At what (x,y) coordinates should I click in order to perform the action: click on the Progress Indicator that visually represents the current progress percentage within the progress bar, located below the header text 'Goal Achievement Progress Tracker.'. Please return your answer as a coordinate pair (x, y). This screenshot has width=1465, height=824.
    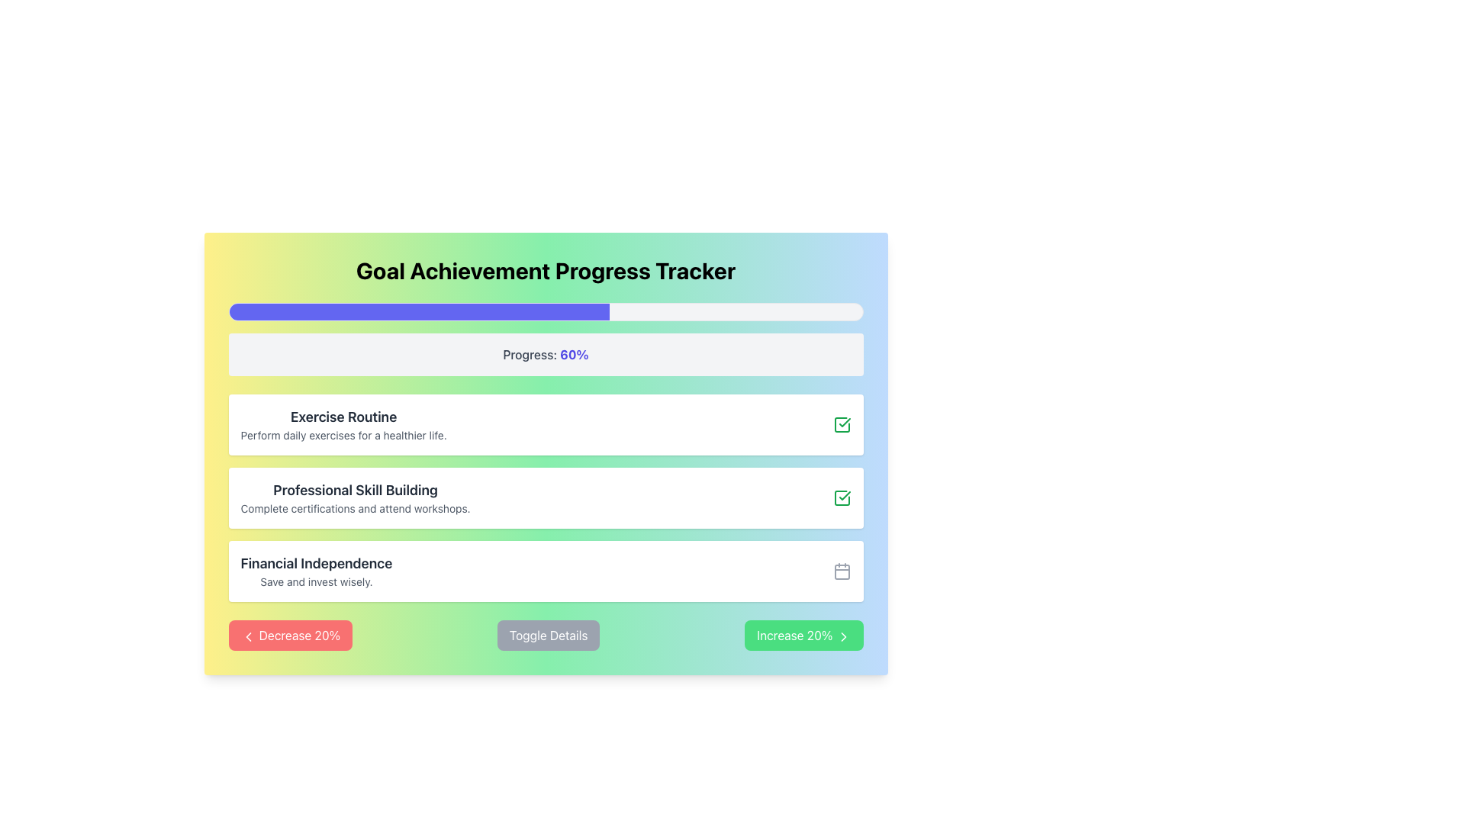
    Looking at the image, I should click on (419, 311).